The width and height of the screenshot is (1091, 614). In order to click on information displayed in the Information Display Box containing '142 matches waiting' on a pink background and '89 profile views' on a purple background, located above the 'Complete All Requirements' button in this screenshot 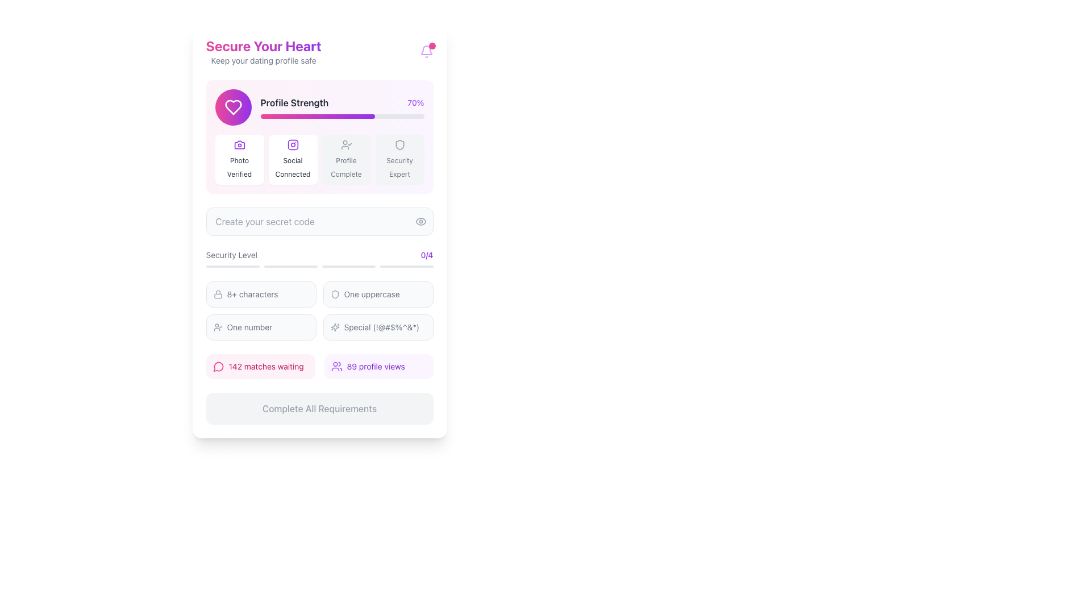, I will do `click(319, 366)`.